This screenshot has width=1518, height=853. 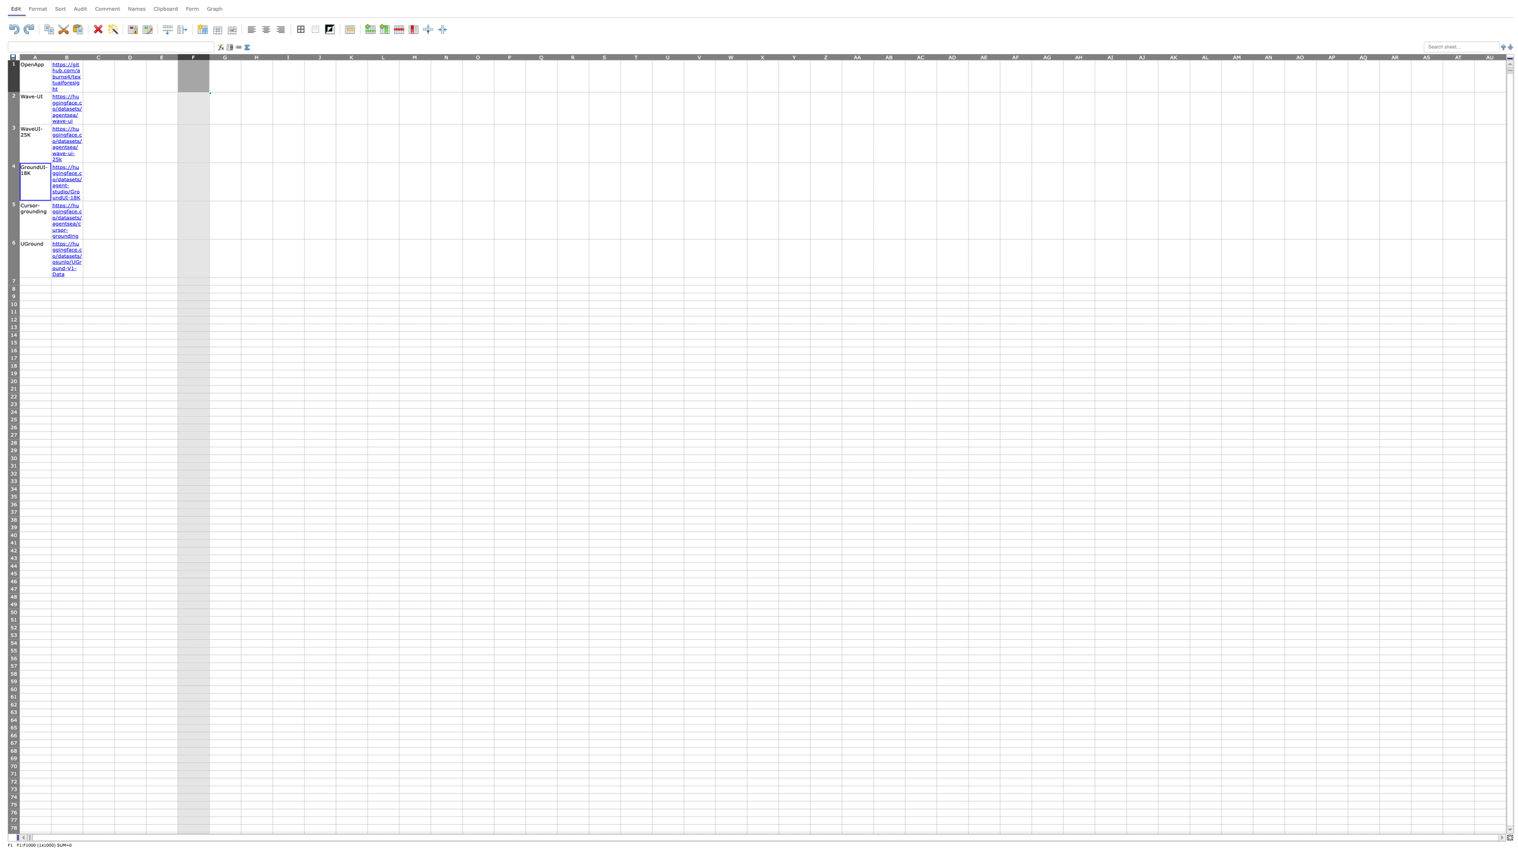 I want to click on column J, so click(x=320, y=56).